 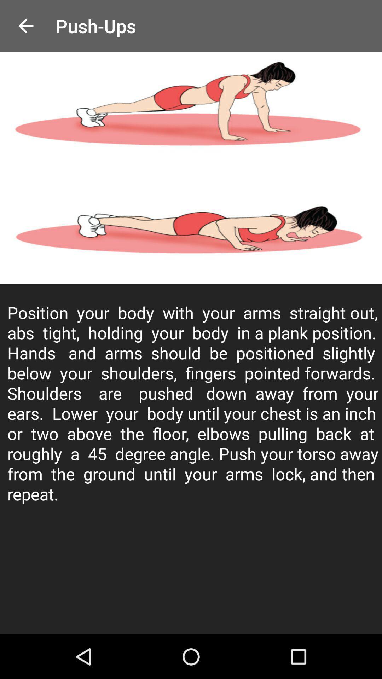 What do you see at coordinates (25, 26) in the screenshot?
I see `app next to push-ups app` at bounding box center [25, 26].